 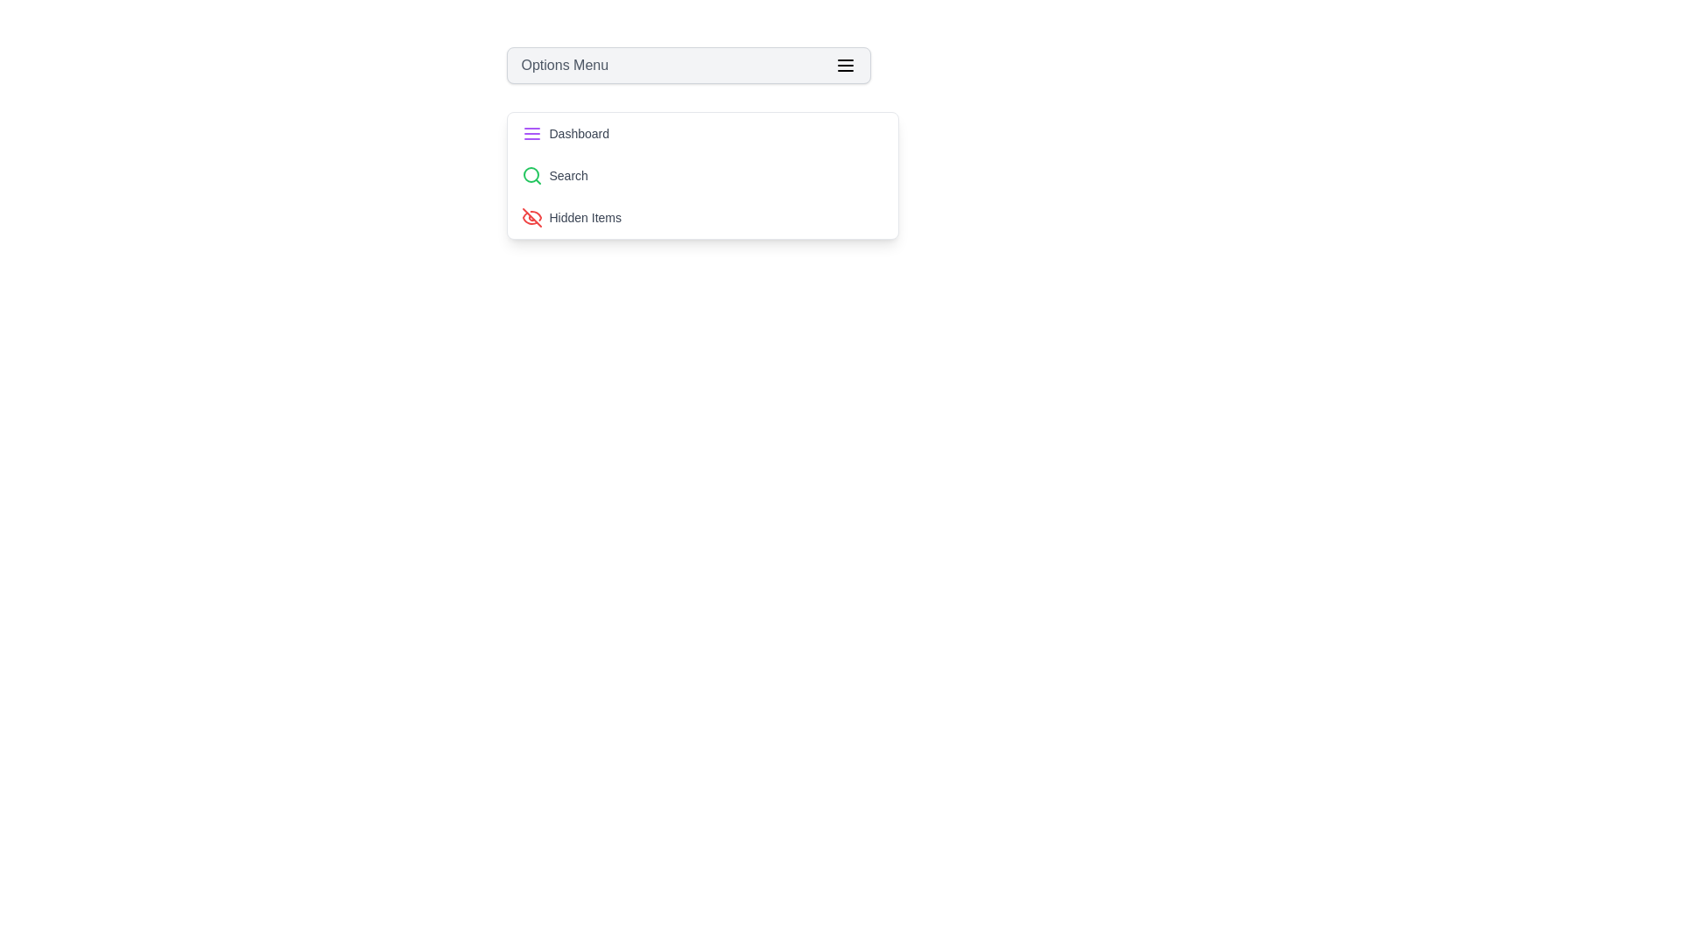 I want to click on to select the 'Manage Hidden Items' menu item, which is the third option in the dropdown menu below 'Dashboard' and 'Search', so click(x=702, y=217).